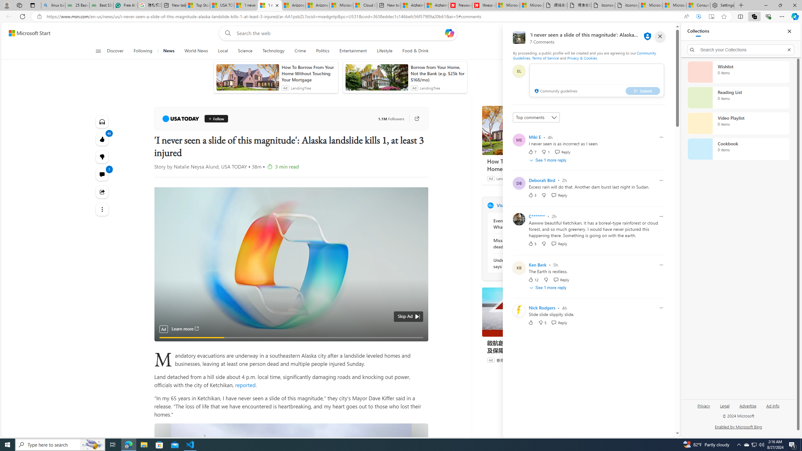 The height and width of the screenshot is (451, 802). Describe the element at coordinates (536, 117) in the screenshot. I see `'Sort comments by'` at that location.